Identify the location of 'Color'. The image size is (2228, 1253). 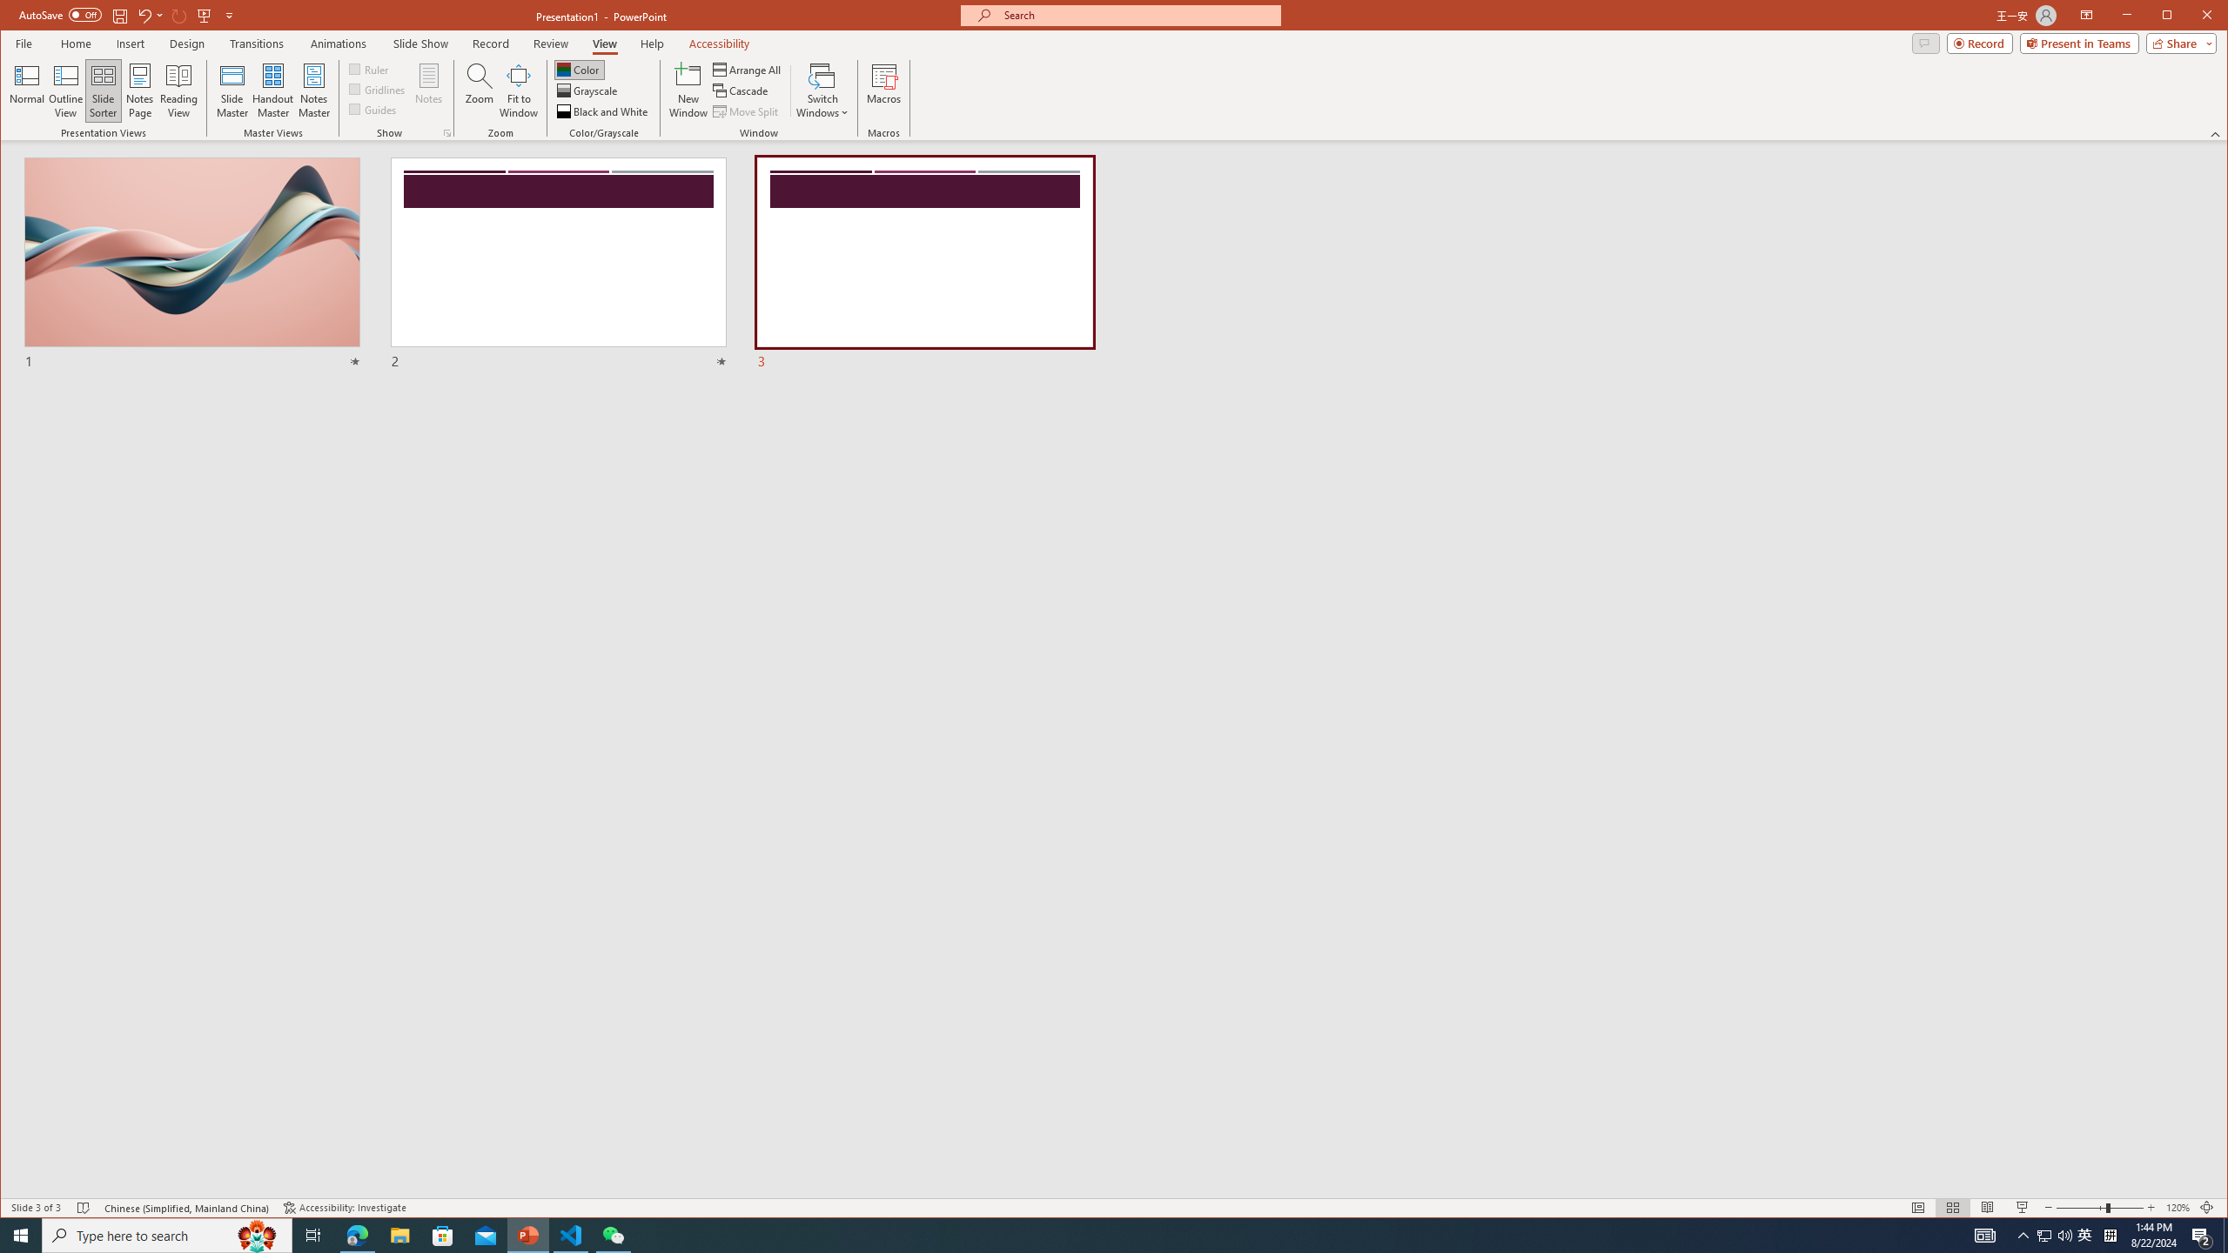
(578, 70).